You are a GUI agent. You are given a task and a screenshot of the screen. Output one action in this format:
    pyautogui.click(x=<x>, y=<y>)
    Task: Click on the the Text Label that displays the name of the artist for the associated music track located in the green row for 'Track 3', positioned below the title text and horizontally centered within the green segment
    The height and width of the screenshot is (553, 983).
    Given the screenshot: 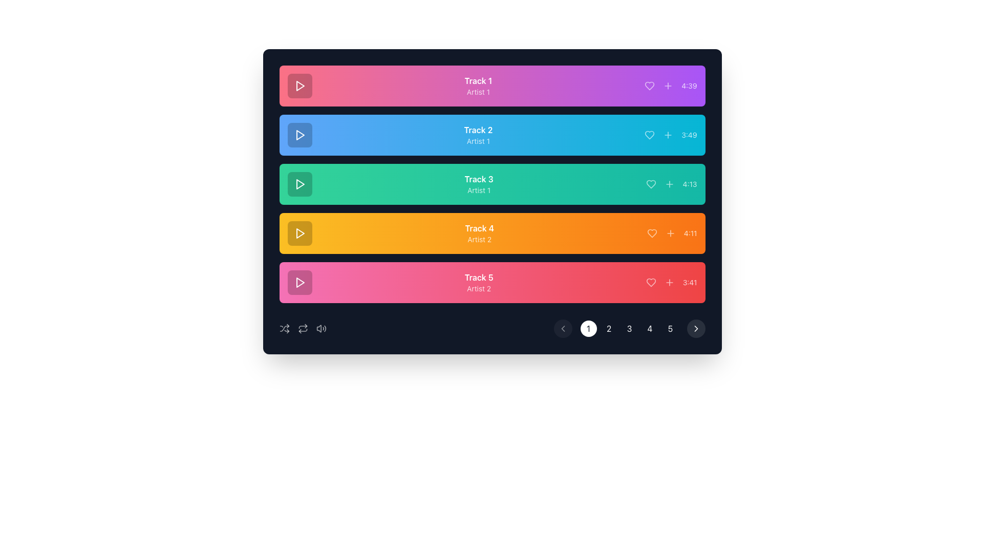 What is the action you would take?
    pyautogui.click(x=478, y=190)
    